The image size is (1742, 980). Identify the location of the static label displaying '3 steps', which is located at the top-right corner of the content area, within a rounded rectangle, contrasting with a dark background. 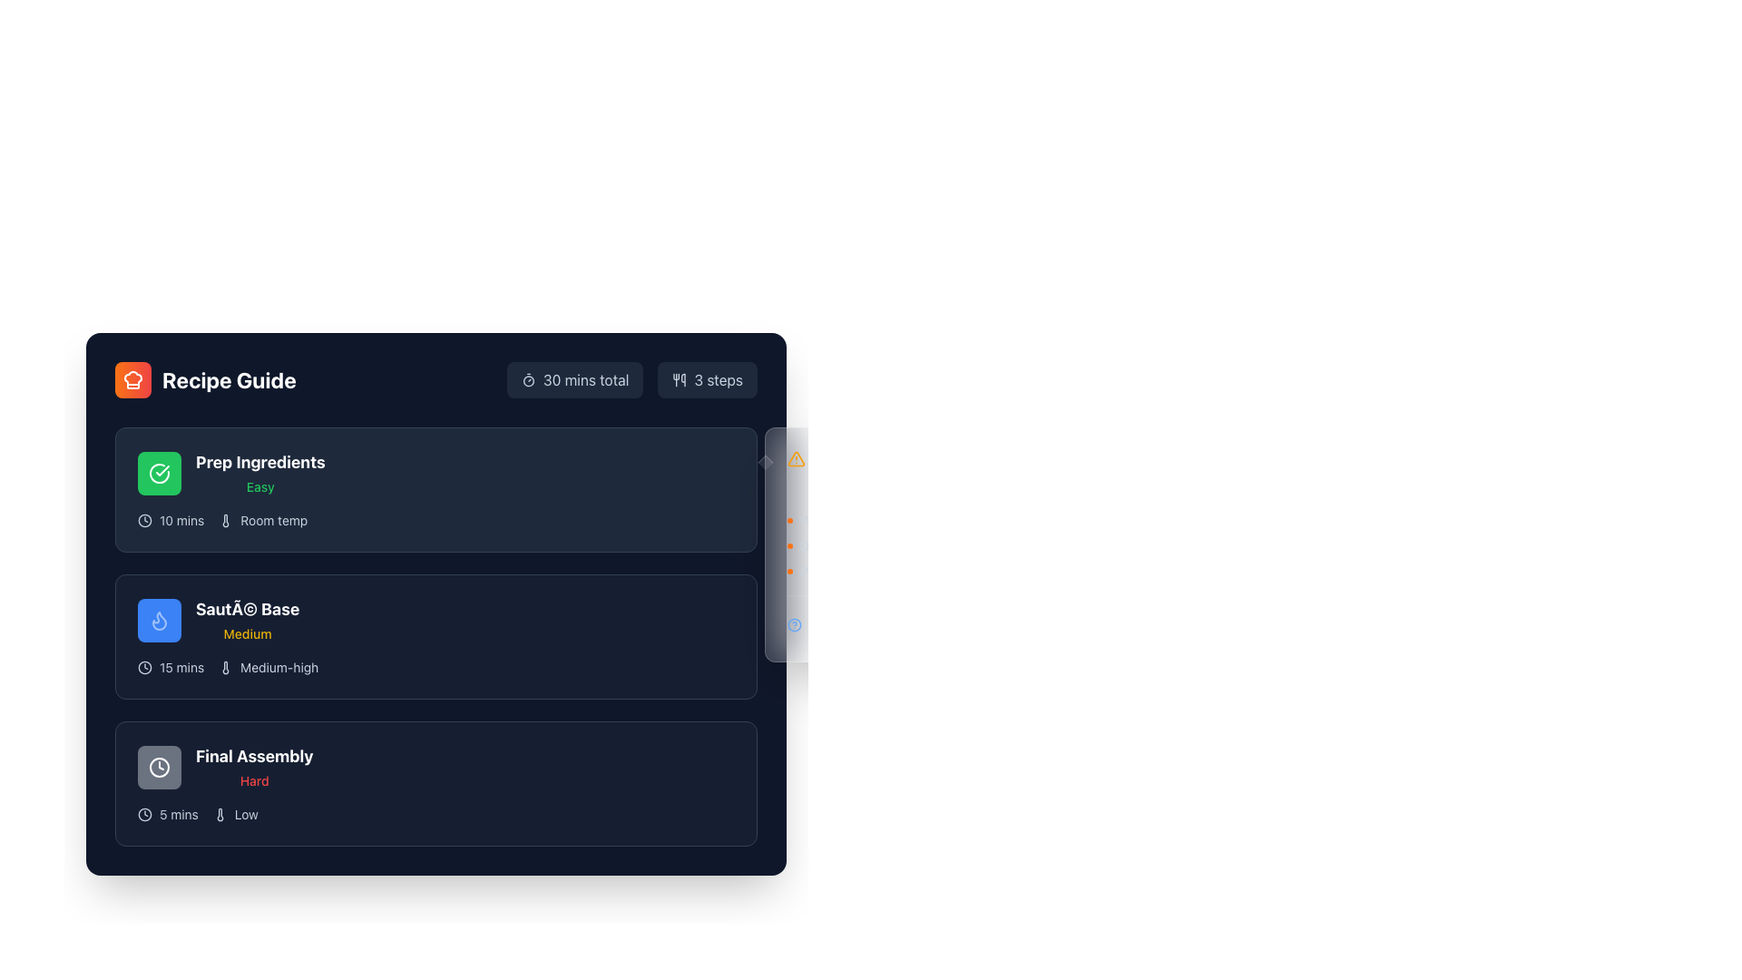
(718, 379).